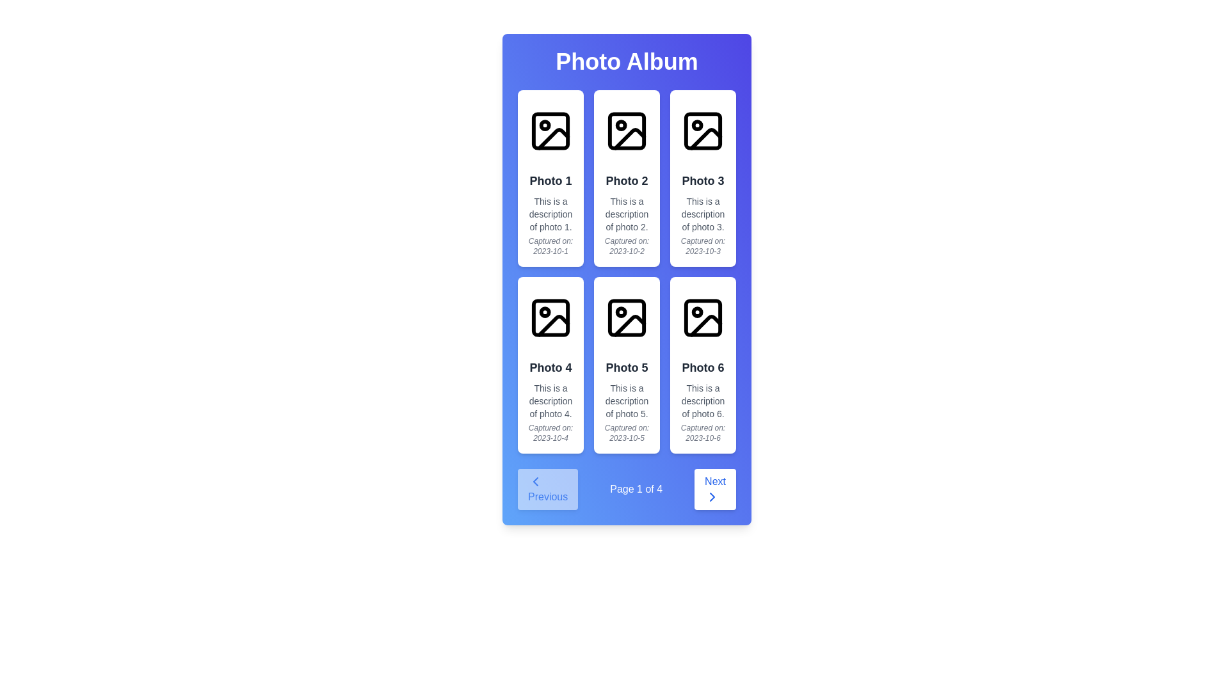 Image resolution: width=1229 pixels, height=691 pixels. Describe the element at coordinates (627, 178) in the screenshot. I see `the second card component in the grid layout displaying 'Photo 2', which has a white background, rounded corners, and contains an image icon, bold title, descriptive text, and capture date` at that location.